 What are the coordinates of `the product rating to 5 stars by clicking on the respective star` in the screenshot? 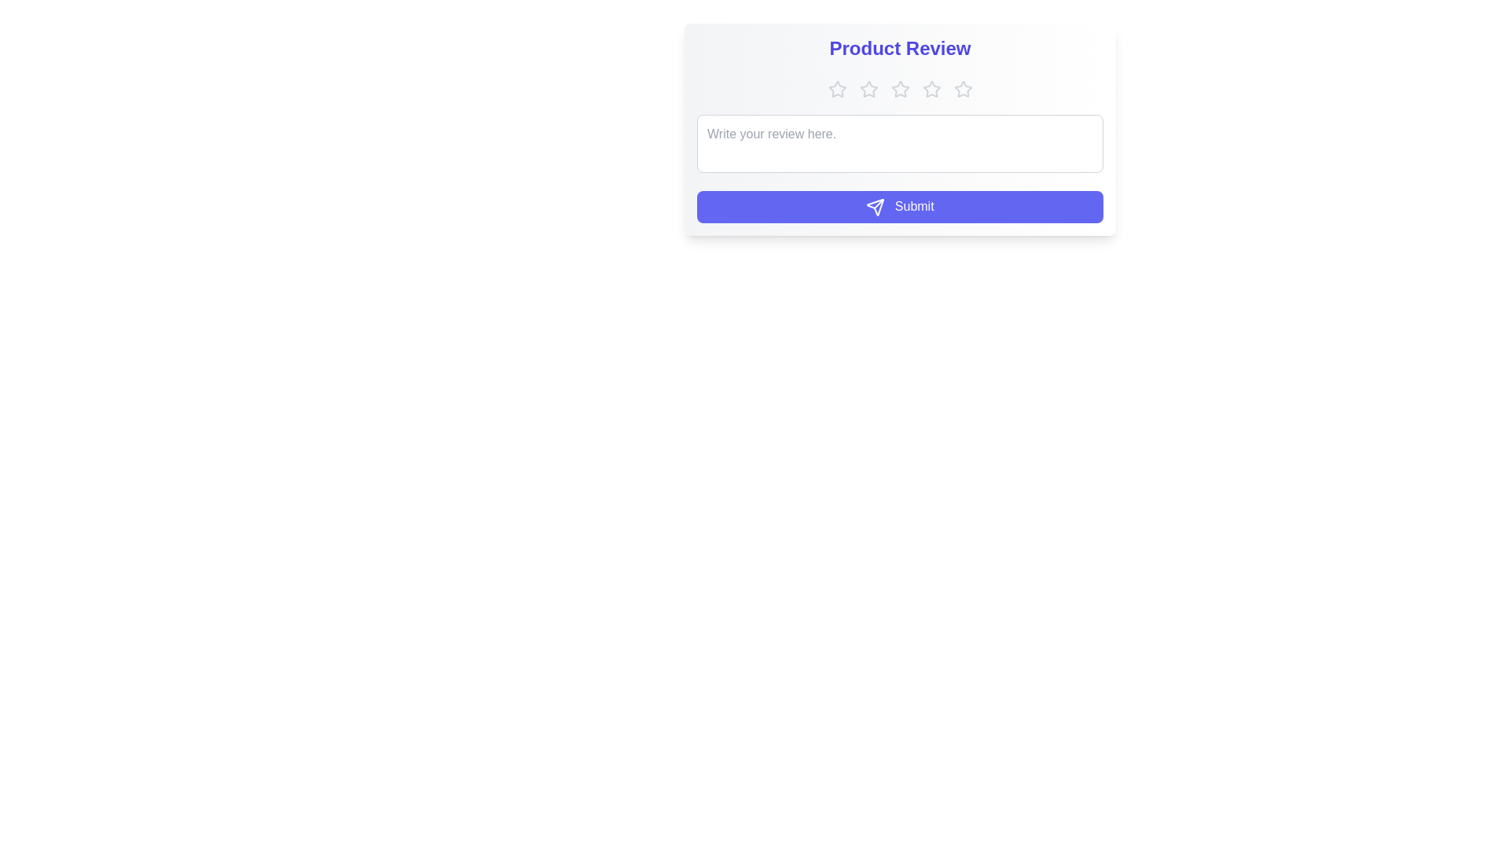 It's located at (962, 90).